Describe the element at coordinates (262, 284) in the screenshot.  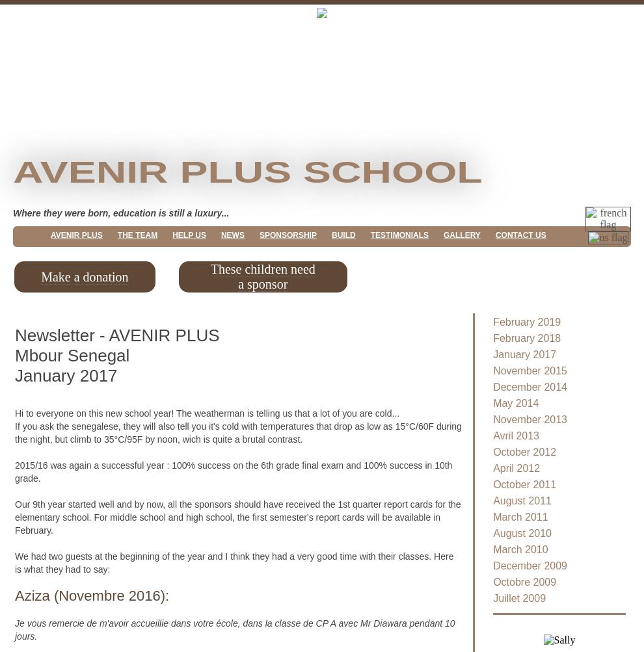
I see `'a sponsor'` at that location.